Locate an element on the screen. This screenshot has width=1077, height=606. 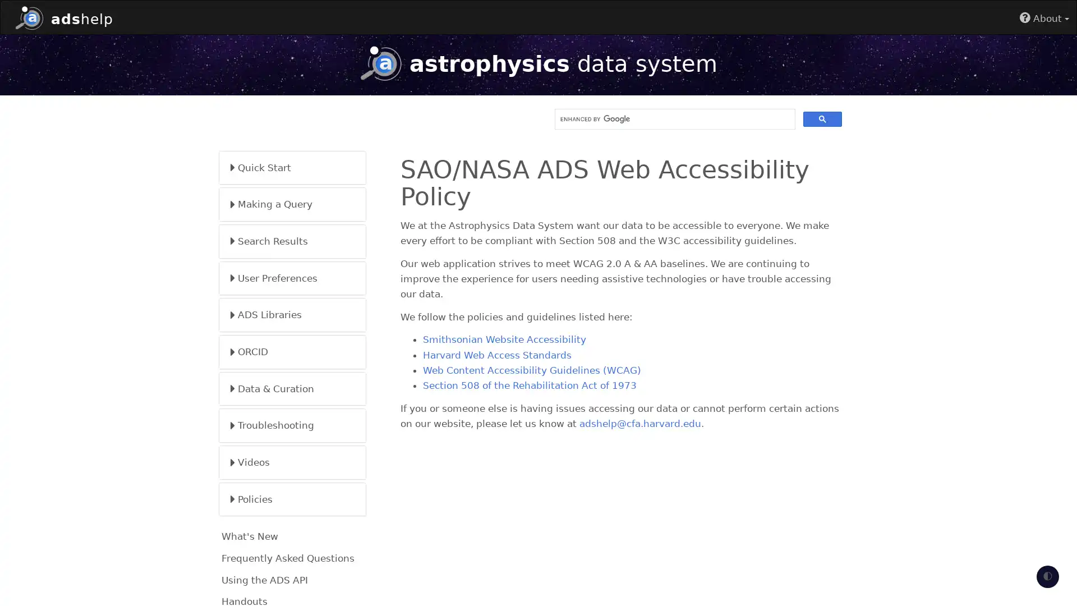
Making a Query is located at coordinates (292, 204).